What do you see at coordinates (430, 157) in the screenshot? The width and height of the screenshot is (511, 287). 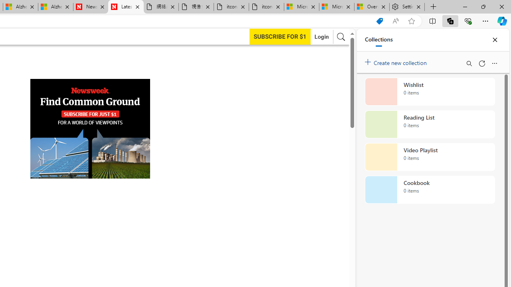 I see `'Video Playlist collection, 0 items'` at bounding box center [430, 157].